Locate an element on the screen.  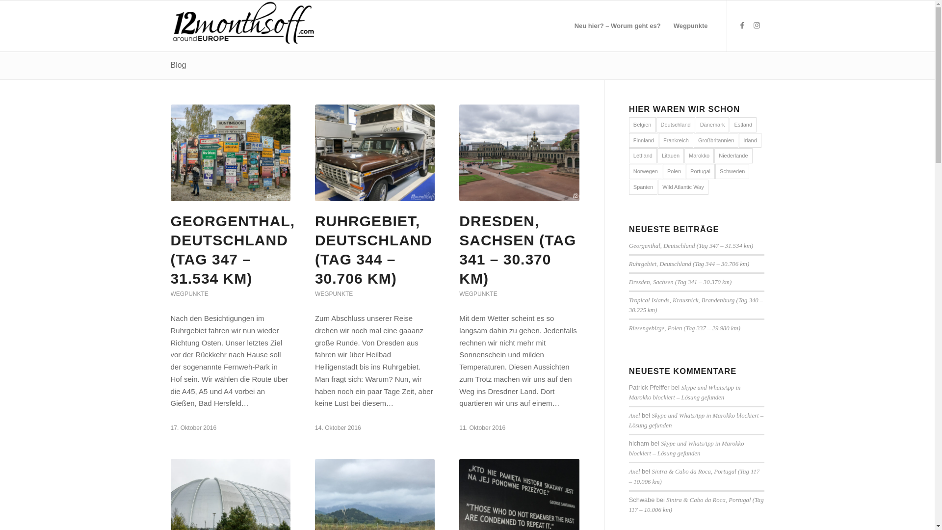
'WEGPUNKTE' is located at coordinates (189, 293).